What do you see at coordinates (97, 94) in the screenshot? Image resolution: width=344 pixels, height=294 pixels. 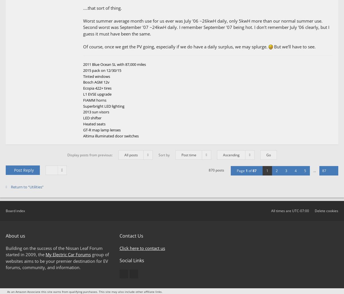 I see `'L1 EVSE upgrade'` at bounding box center [97, 94].